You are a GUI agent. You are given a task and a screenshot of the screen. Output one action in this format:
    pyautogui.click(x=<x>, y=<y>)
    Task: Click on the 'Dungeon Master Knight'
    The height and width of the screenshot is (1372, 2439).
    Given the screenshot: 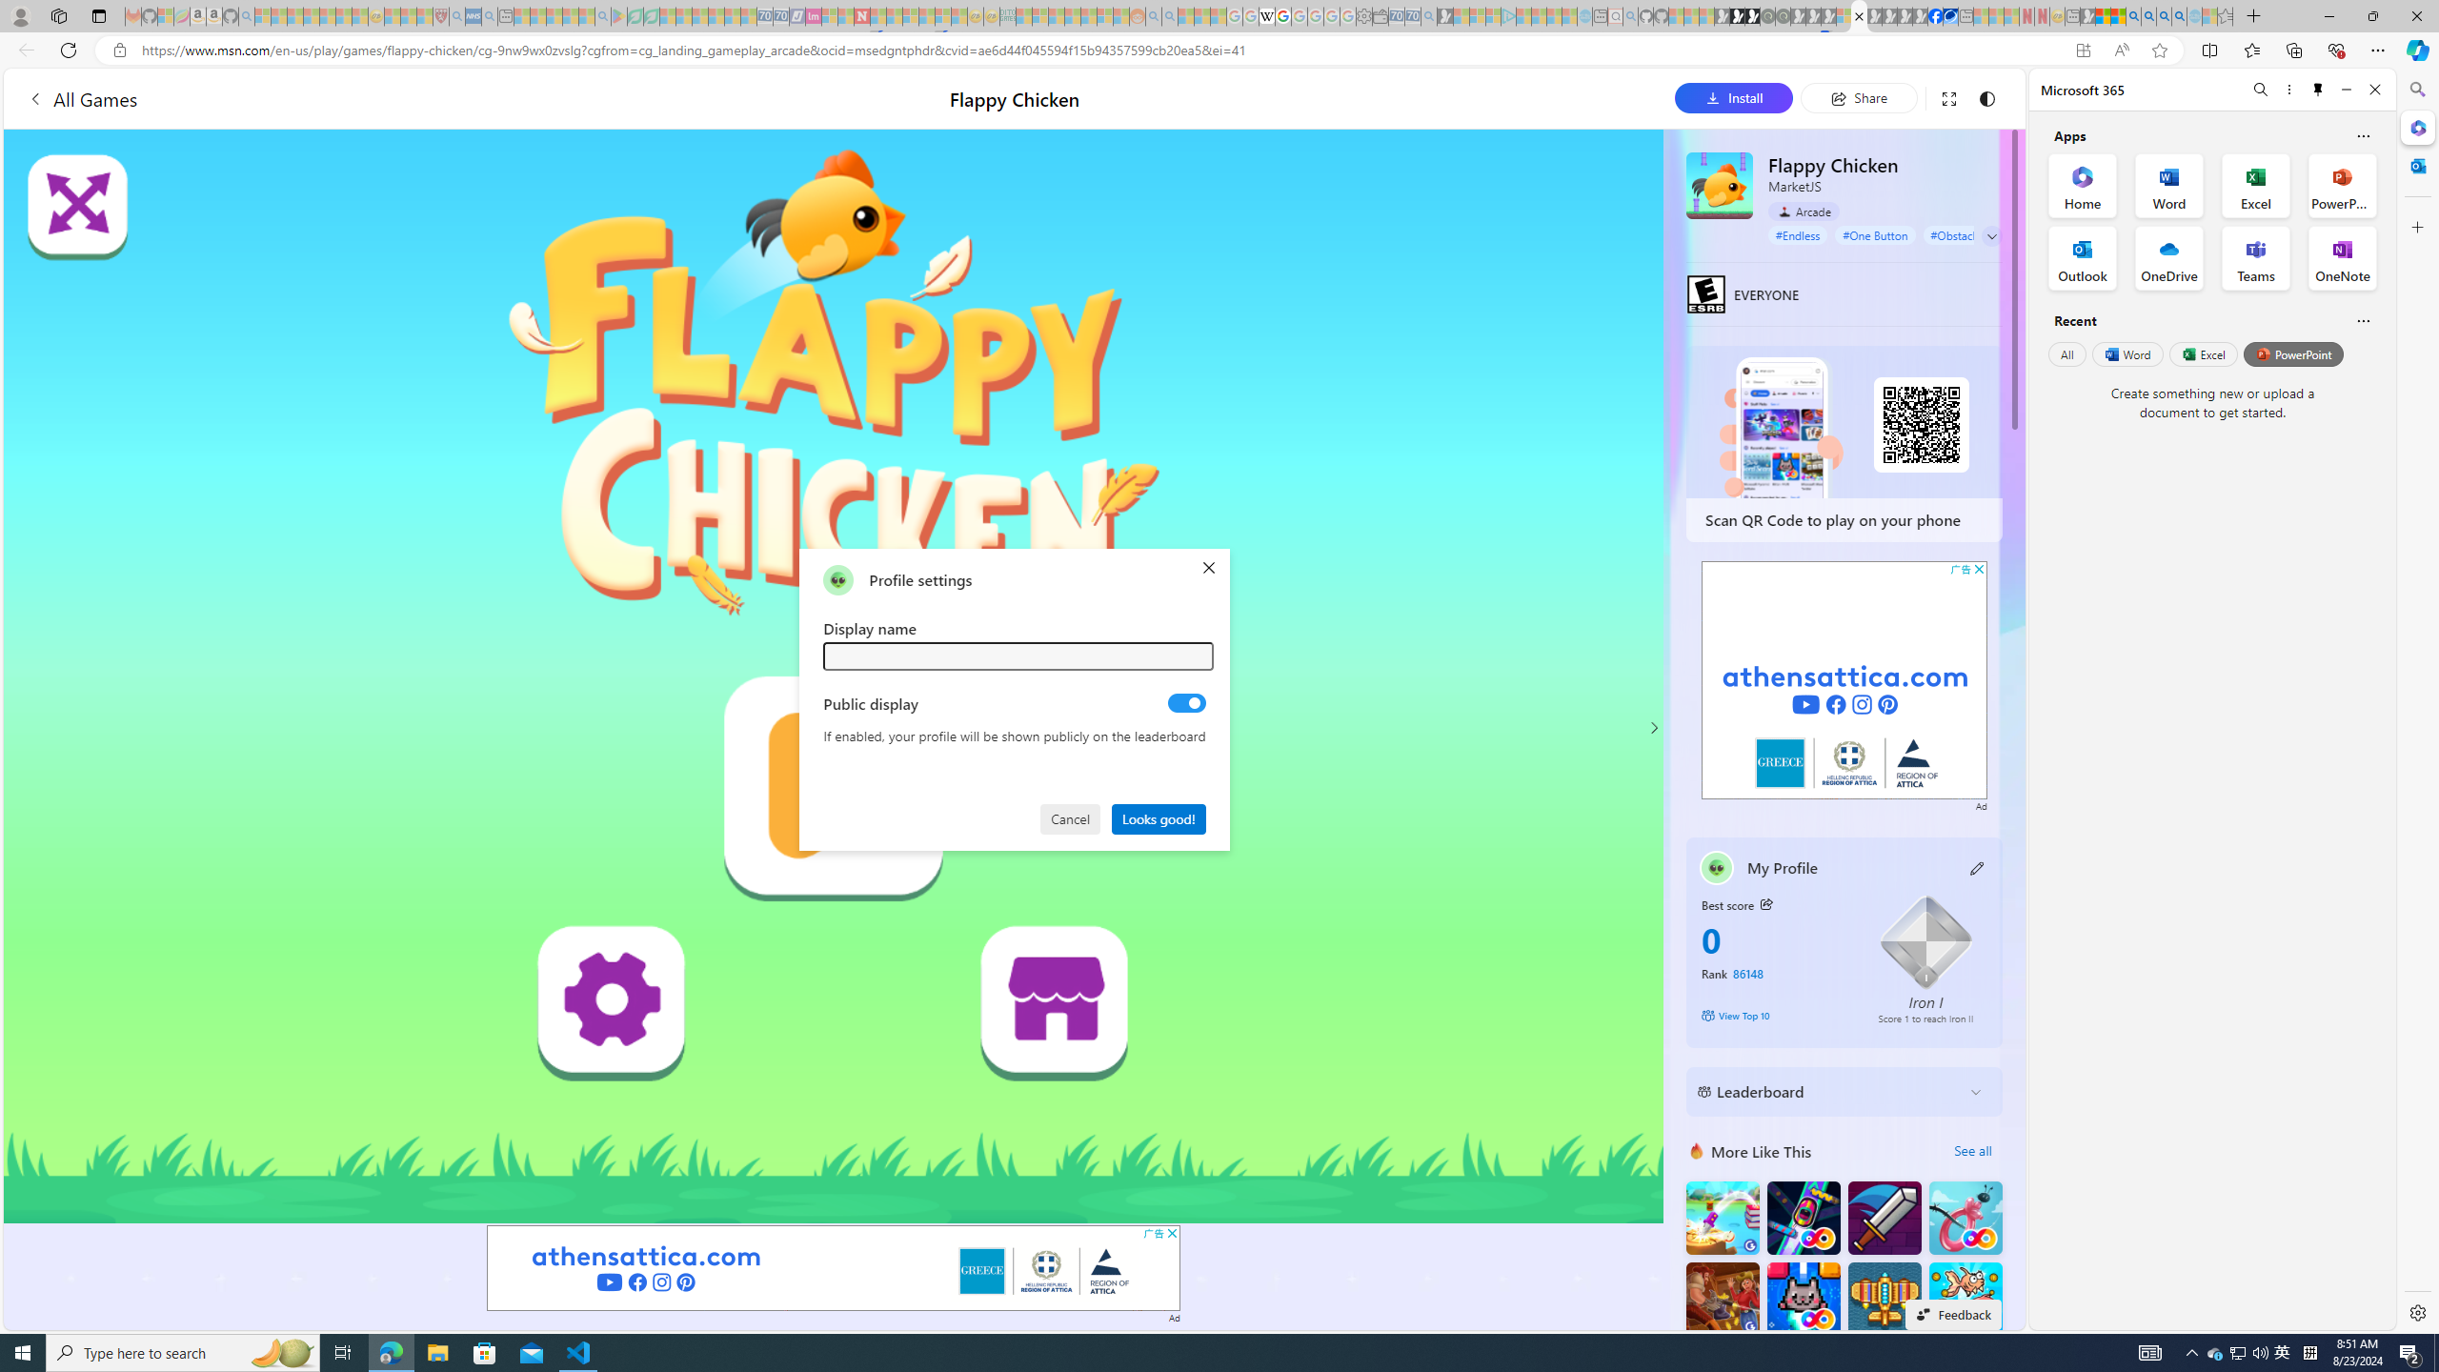 What is the action you would take?
    pyautogui.click(x=1884, y=1218)
    